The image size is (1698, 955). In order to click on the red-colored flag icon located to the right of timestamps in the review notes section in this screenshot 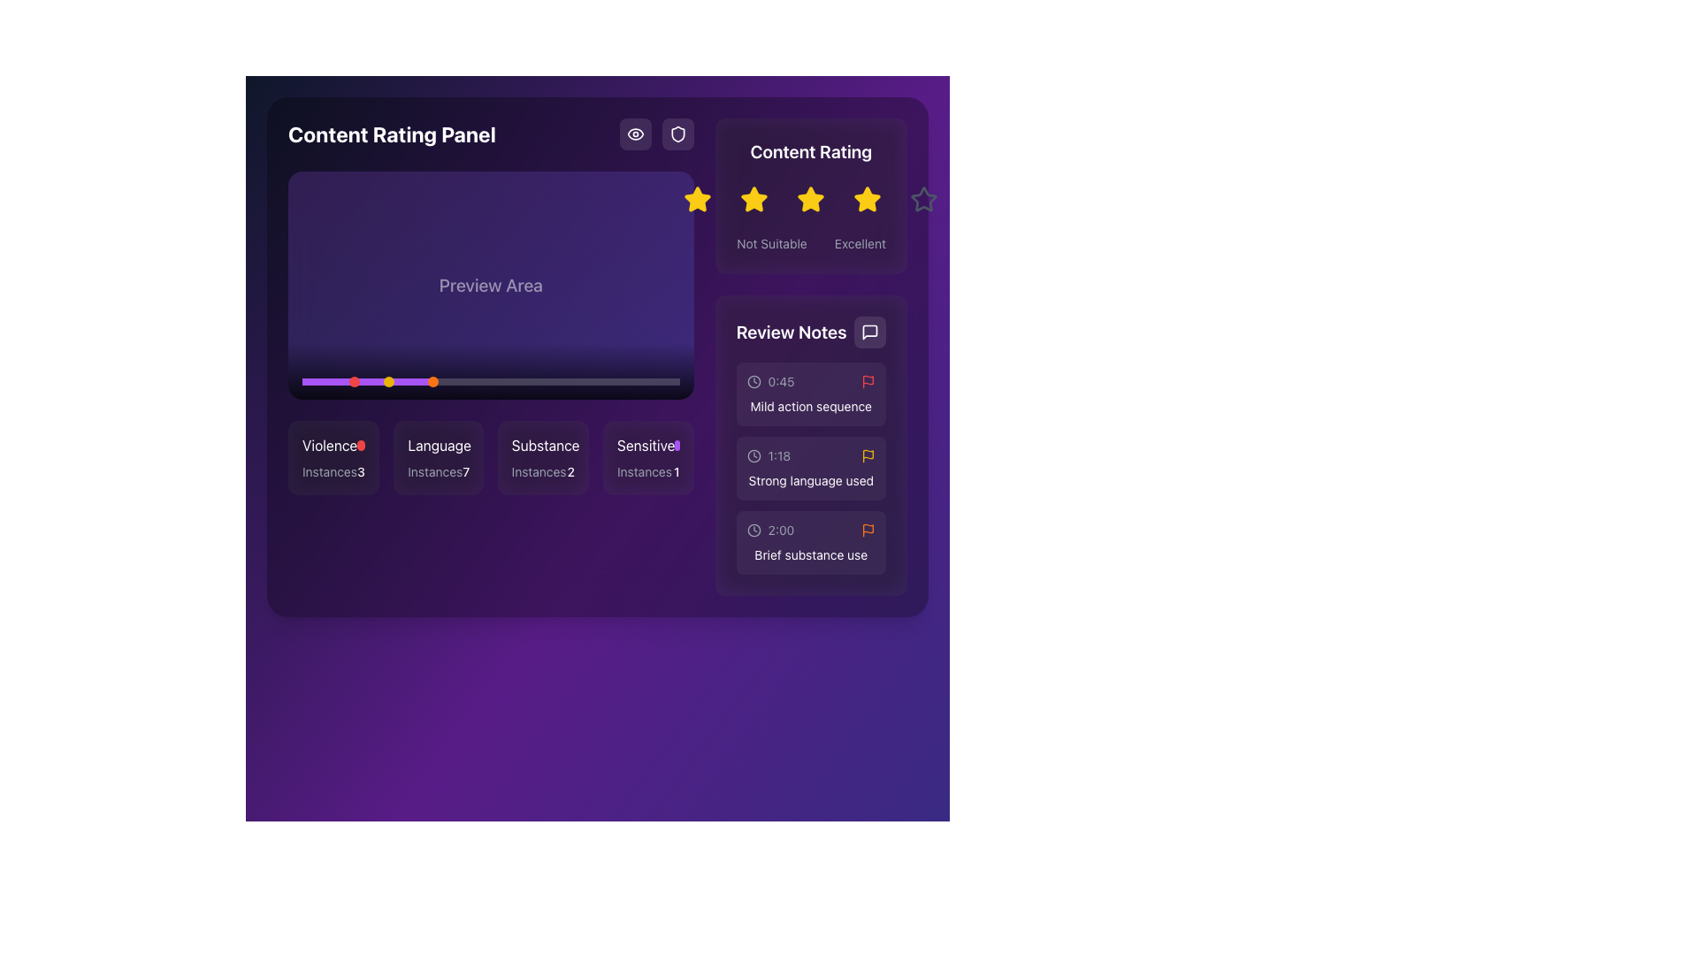, I will do `click(868, 378)`.